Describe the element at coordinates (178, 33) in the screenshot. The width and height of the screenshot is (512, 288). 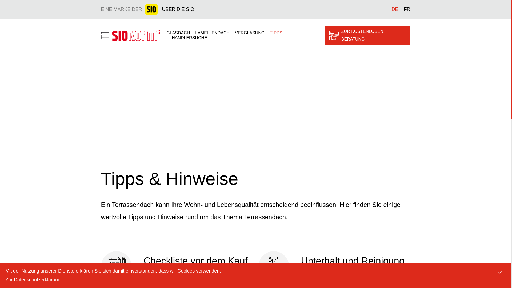
I see `'GLASDACH'` at that location.